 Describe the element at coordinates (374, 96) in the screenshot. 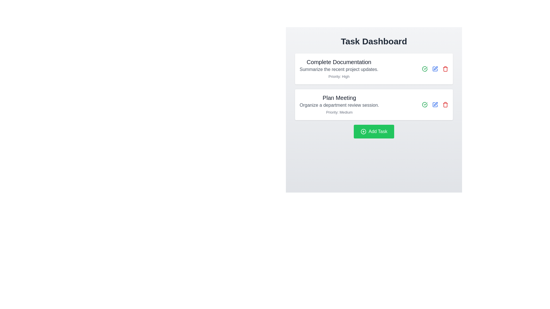

I see `the second task card in the task management interface to view details or interact with actions` at that location.